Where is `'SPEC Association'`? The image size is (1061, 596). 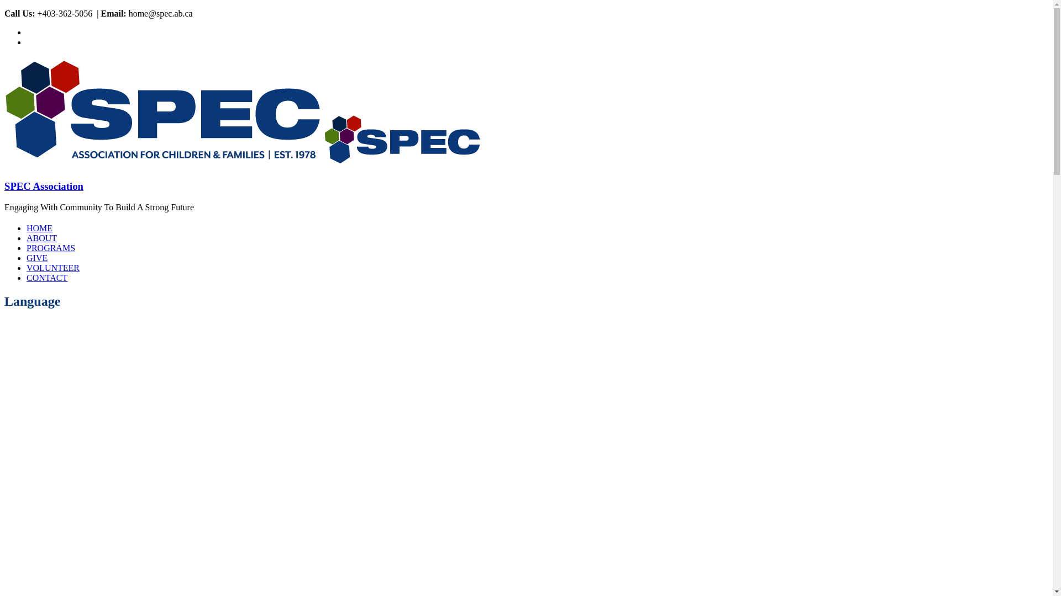 'SPEC Association' is located at coordinates (402, 164).